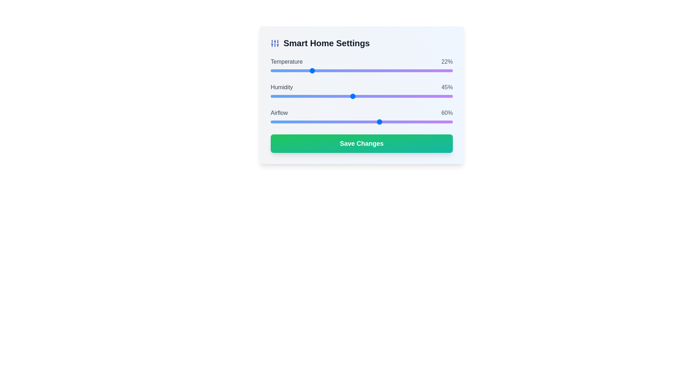  What do you see at coordinates (385, 122) in the screenshot?
I see `the airflow` at bounding box center [385, 122].